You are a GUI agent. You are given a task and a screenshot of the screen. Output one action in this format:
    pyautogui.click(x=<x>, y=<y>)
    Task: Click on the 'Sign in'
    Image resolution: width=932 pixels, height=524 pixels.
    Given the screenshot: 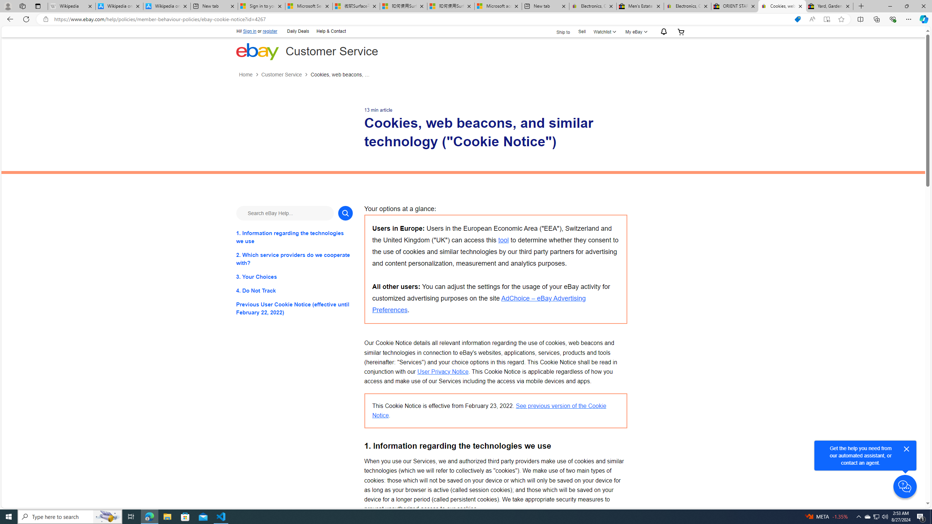 What is the action you would take?
    pyautogui.click(x=249, y=31)
    